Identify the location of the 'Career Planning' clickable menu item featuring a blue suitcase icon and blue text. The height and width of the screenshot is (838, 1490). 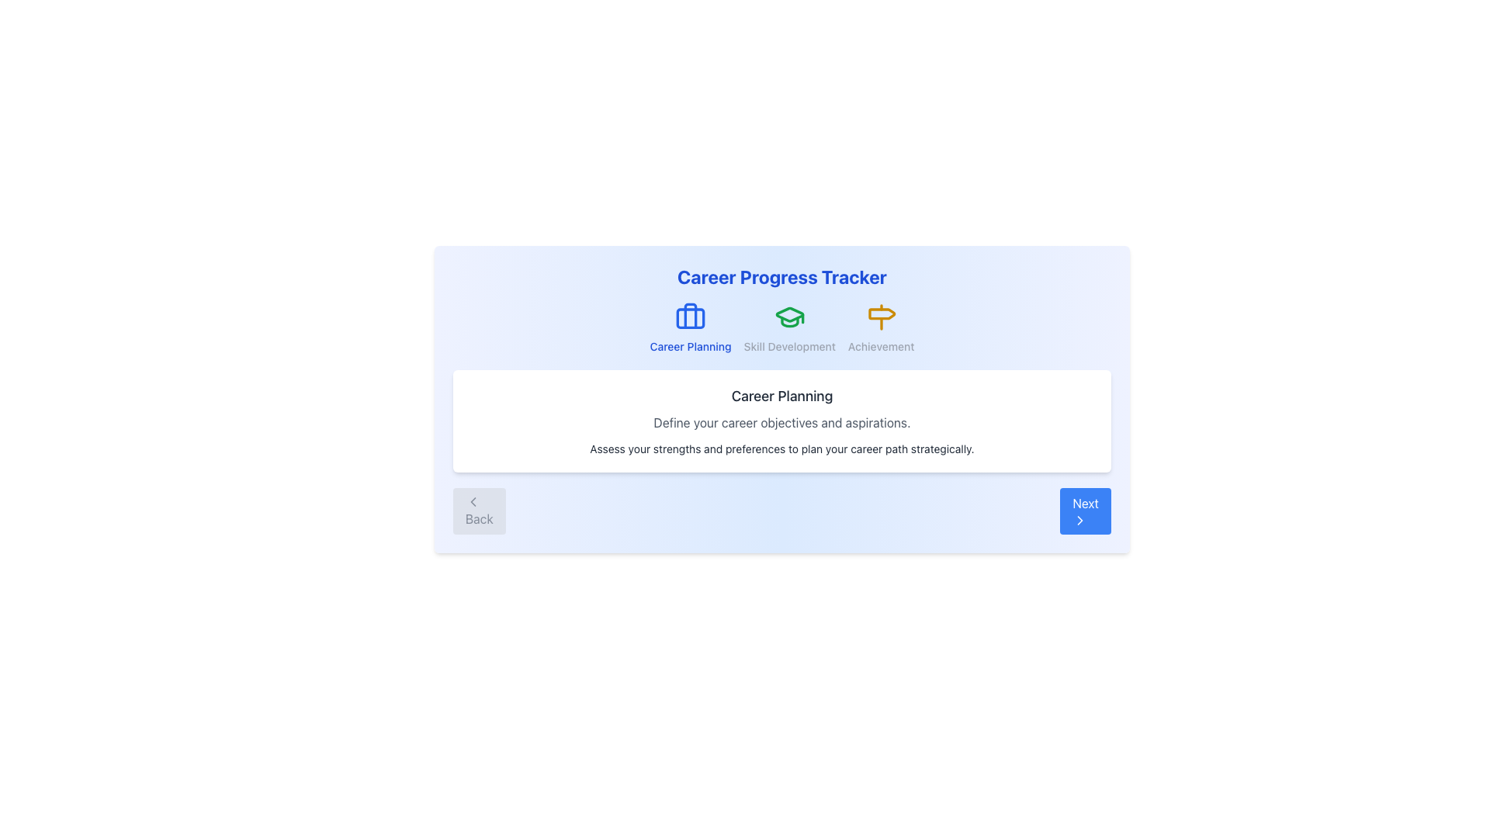
(689, 327).